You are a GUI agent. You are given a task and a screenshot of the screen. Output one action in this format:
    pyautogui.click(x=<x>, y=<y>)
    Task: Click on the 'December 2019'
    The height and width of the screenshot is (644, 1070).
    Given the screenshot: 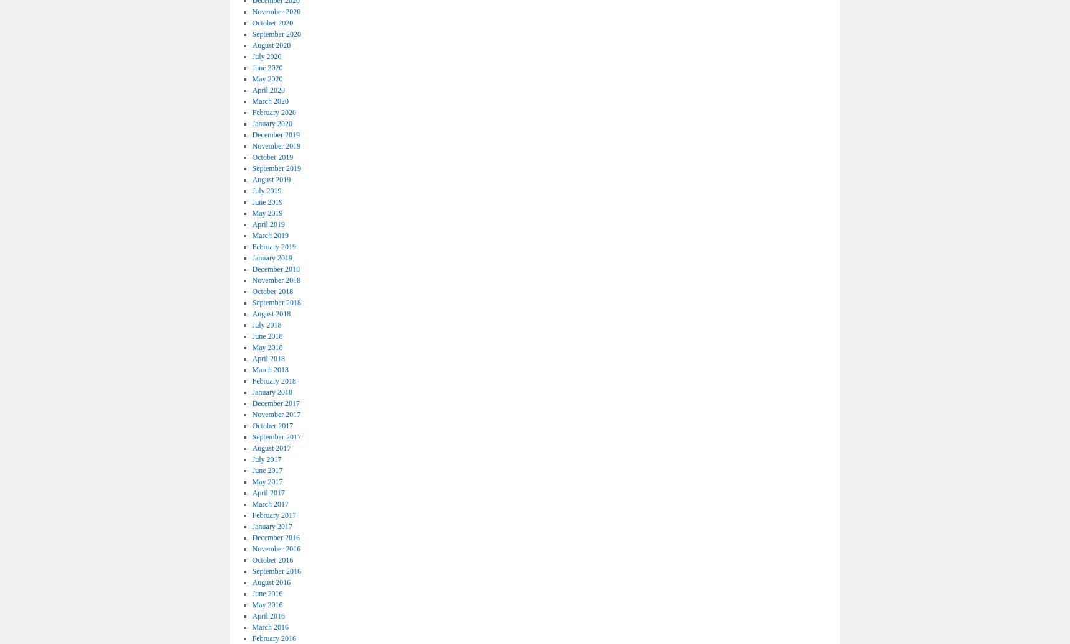 What is the action you would take?
    pyautogui.click(x=275, y=134)
    